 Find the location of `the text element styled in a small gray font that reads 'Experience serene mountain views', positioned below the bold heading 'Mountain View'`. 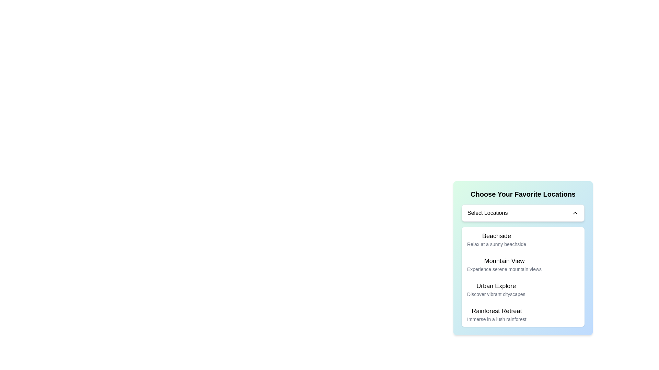

the text element styled in a small gray font that reads 'Experience serene mountain views', positioned below the bold heading 'Mountain View' is located at coordinates (504, 269).